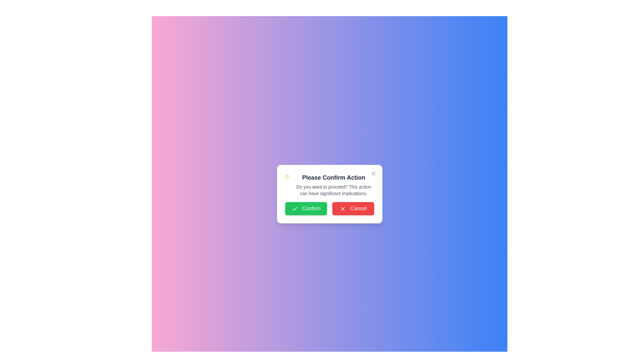 This screenshot has height=356, width=633. What do you see at coordinates (373, 174) in the screenshot?
I see `the close button represented by a small 'X' icon at the top-right corner of the 'Please Confirm Action' dialog to change its color` at bounding box center [373, 174].